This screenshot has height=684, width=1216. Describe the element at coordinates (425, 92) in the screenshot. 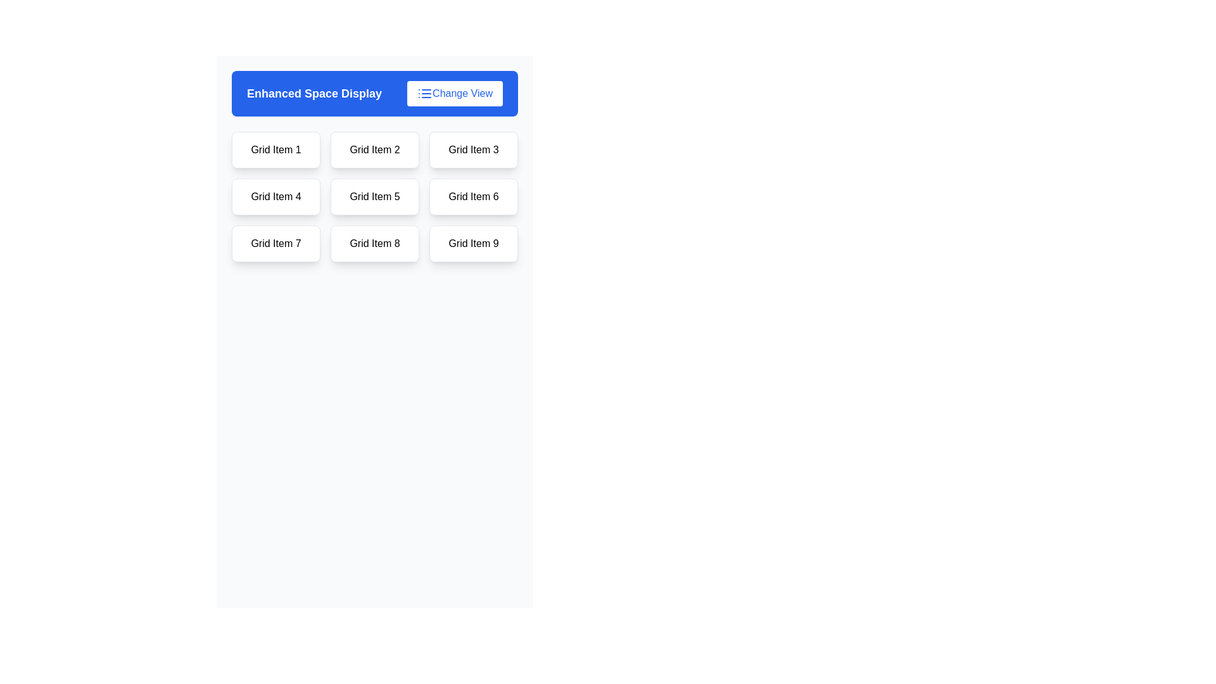

I see `the 'Change View' button which contains an icon resembling three horizontal lines stacked vertically, styled in blue` at that location.